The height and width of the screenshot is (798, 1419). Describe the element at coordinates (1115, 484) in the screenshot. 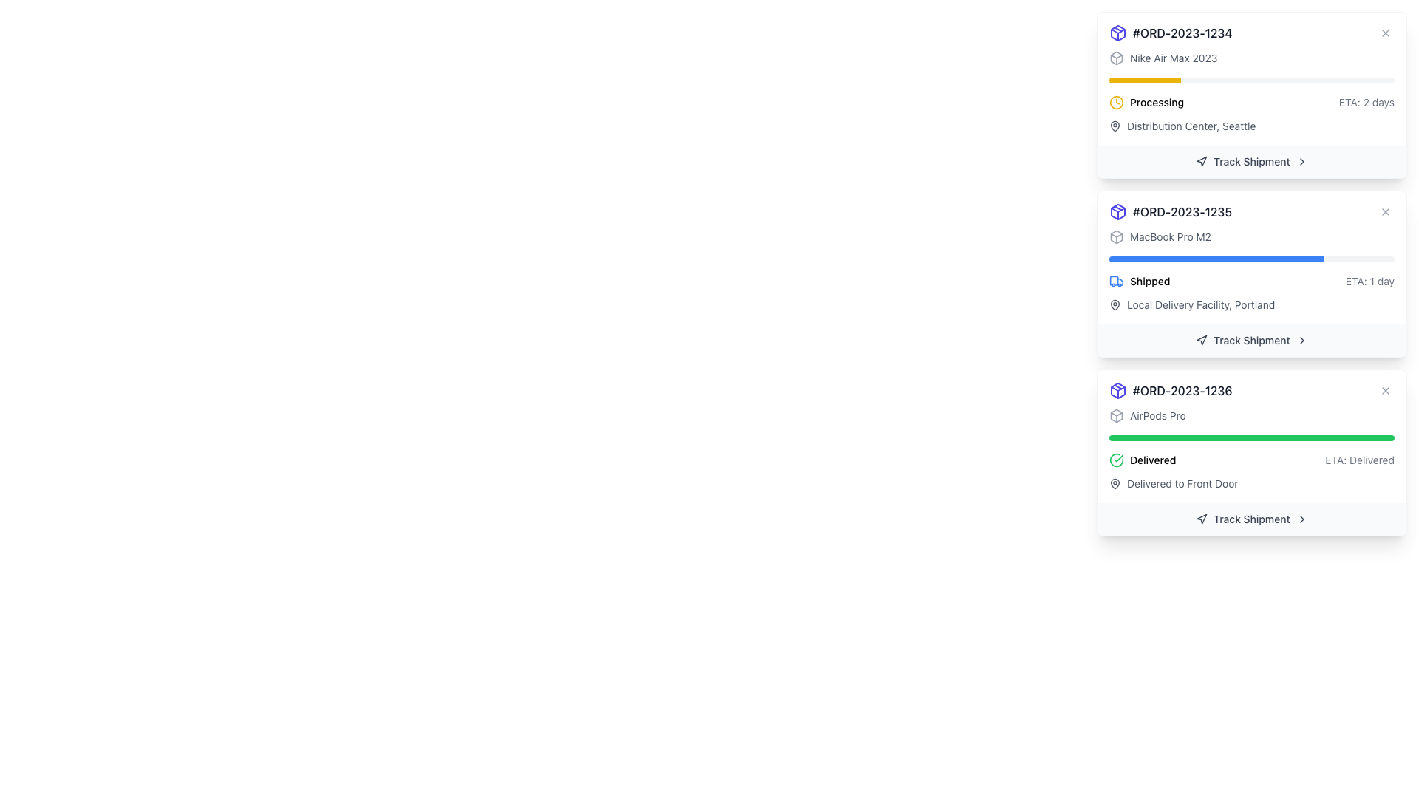

I see `the SVG graphic icon representing a map pin or location indicator to the left of the descriptive text 'Delivered to Front Door' for the 'AirPods Pro' order (order ID #ORD-2023-1236)` at that location.